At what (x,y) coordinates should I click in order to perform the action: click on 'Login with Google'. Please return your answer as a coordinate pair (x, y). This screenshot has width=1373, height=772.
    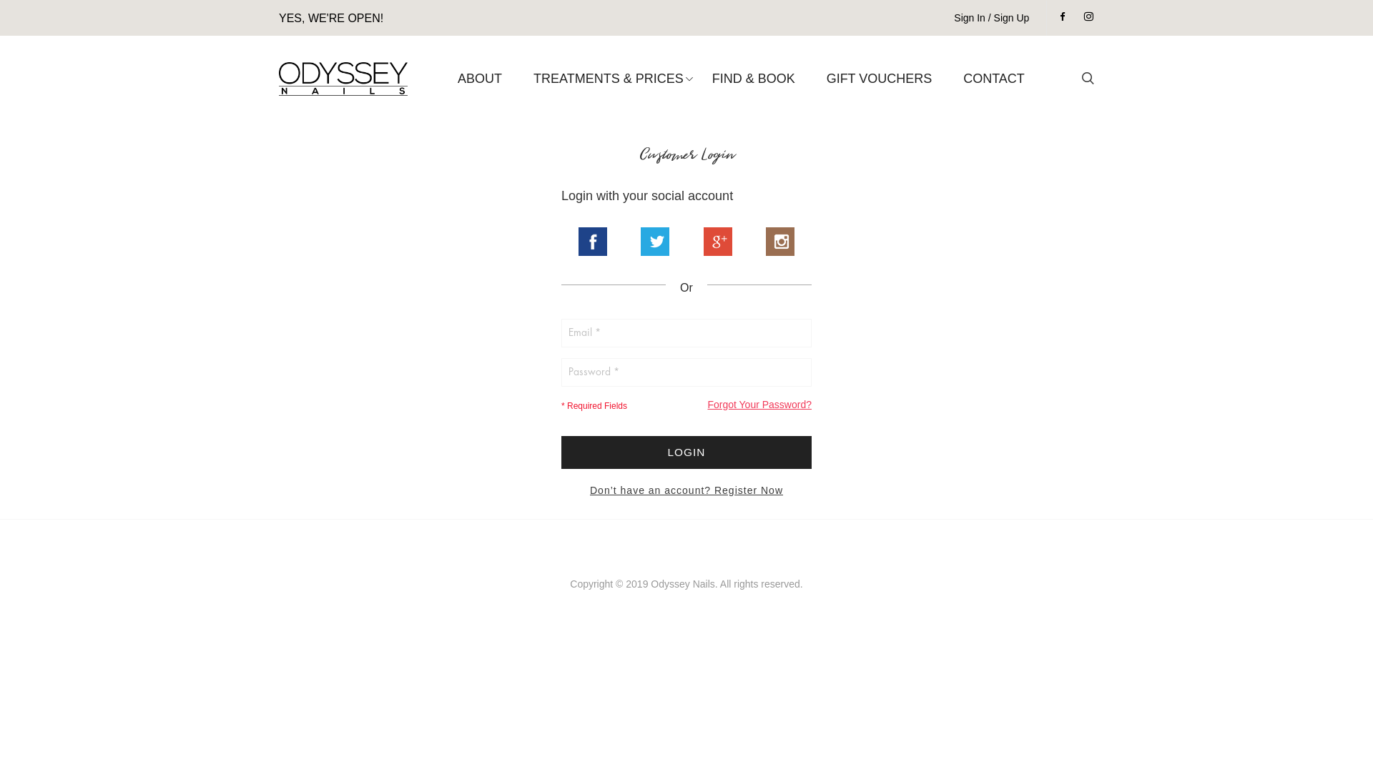
    Looking at the image, I should click on (717, 241).